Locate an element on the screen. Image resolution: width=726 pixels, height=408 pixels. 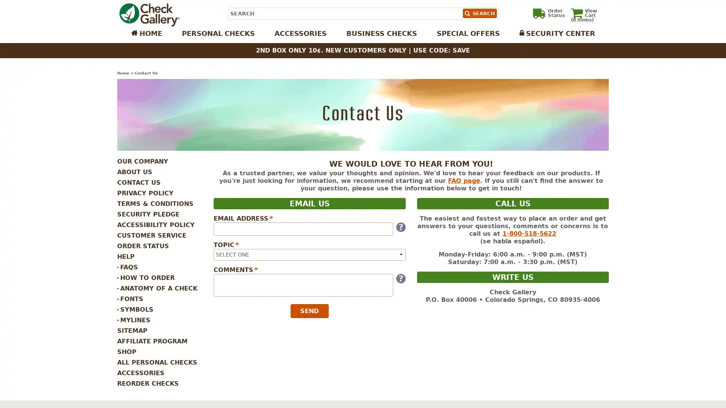
SEARCH is located at coordinates (479, 13).